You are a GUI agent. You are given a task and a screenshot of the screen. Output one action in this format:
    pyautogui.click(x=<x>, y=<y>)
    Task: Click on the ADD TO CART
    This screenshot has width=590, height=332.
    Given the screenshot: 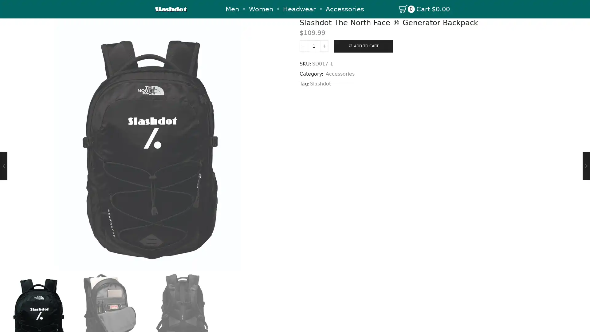 What is the action you would take?
    pyautogui.click(x=363, y=45)
    